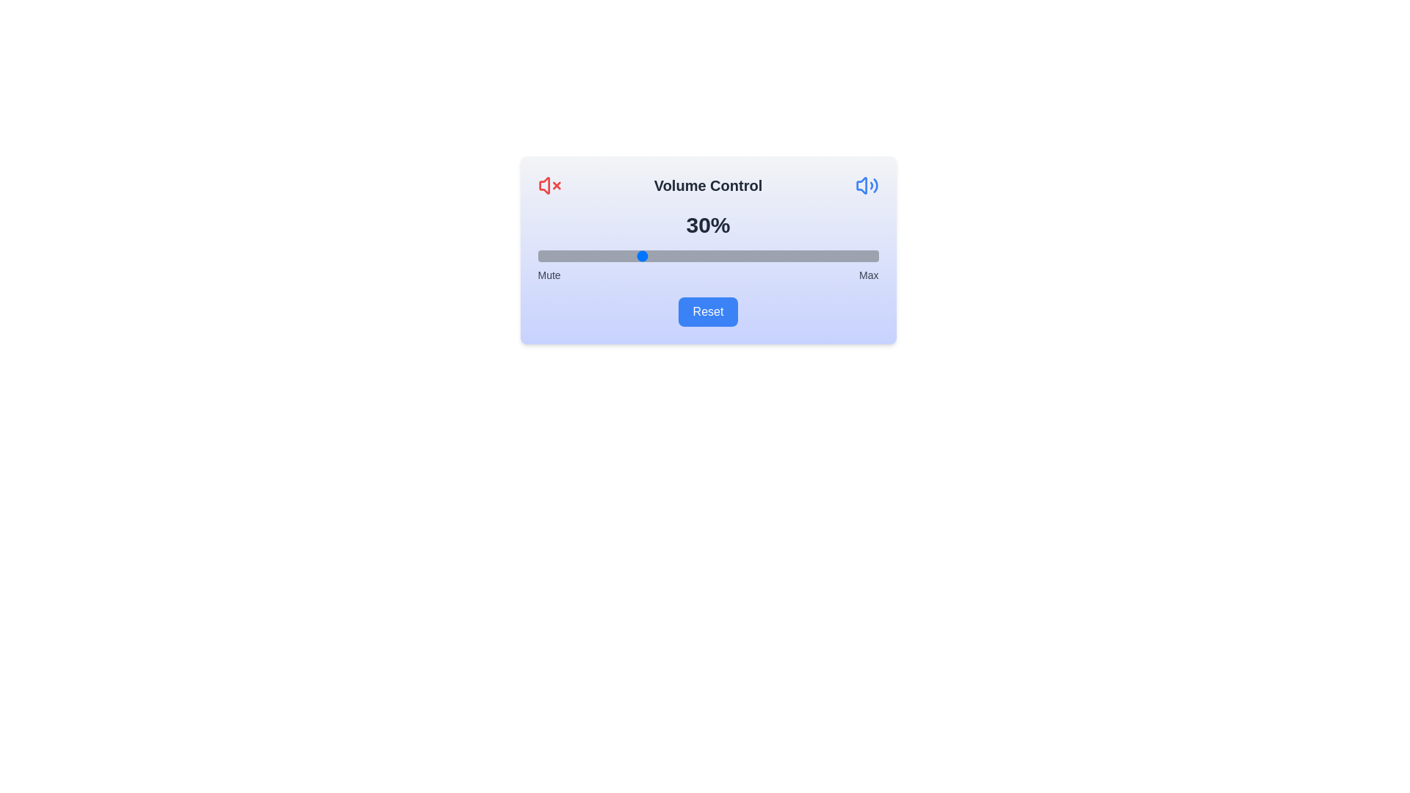  Describe the element at coordinates (715, 255) in the screenshot. I see `the volume slider to a specific percentage, 52` at that location.